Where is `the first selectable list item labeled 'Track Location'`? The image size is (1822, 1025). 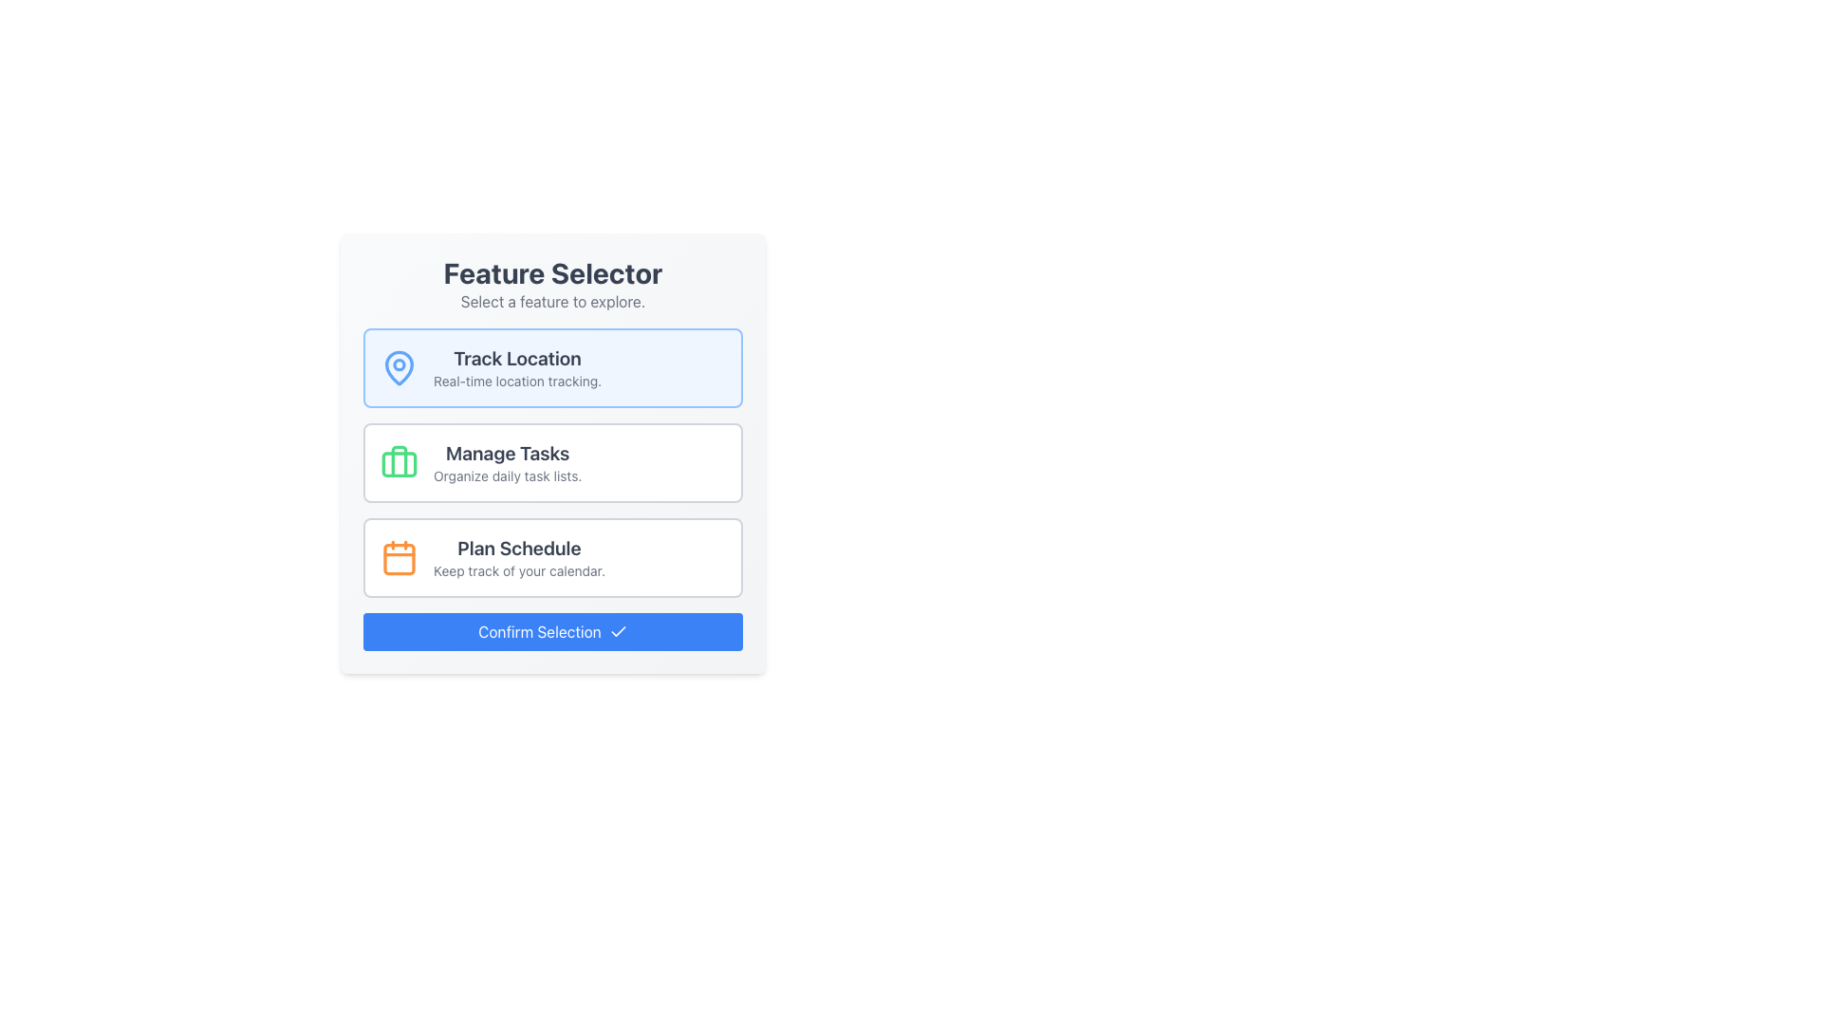 the first selectable list item labeled 'Track Location' is located at coordinates (551, 368).